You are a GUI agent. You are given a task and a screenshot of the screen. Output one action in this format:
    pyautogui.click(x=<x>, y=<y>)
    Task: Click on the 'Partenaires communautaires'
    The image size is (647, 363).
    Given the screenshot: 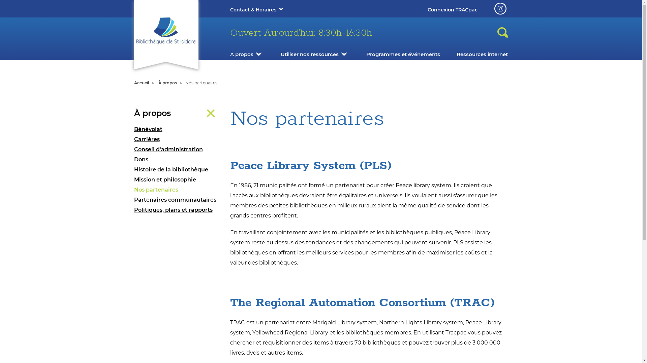 What is the action you would take?
    pyautogui.click(x=177, y=199)
    